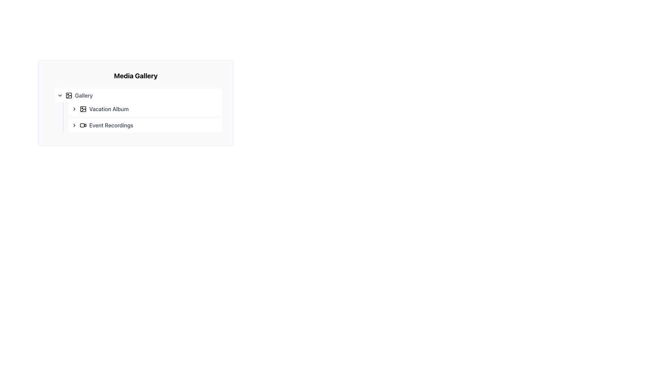  What do you see at coordinates (138, 95) in the screenshot?
I see `the first row clickable entry point of the 'Gallery' section under 'Media Gallery'` at bounding box center [138, 95].